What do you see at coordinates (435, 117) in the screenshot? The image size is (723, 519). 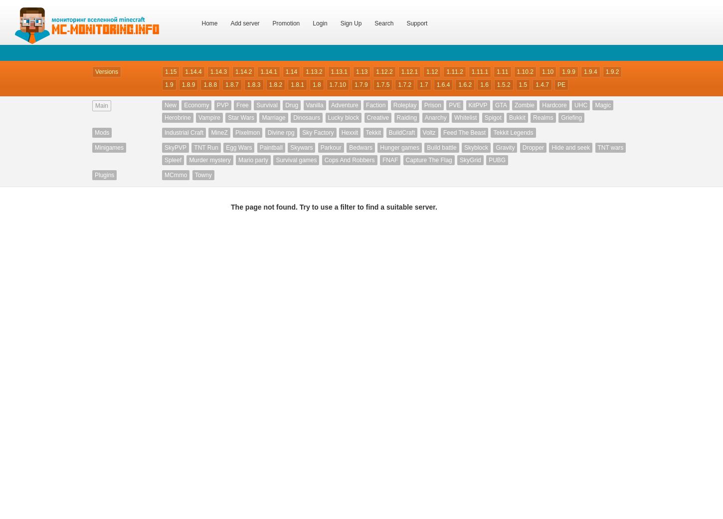 I see `'Anarchy'` at bounding box center [435, 117].